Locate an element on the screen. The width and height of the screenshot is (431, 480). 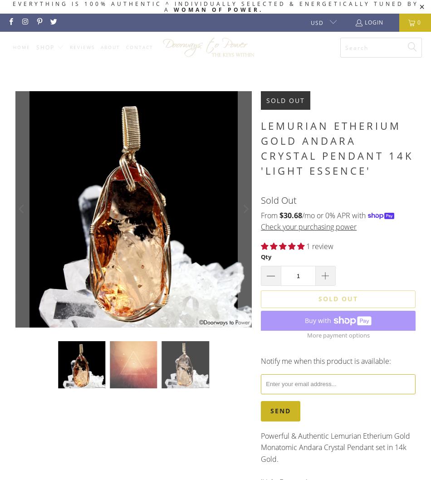
'Shop All Crystals' is located at coordinates (73, 69).